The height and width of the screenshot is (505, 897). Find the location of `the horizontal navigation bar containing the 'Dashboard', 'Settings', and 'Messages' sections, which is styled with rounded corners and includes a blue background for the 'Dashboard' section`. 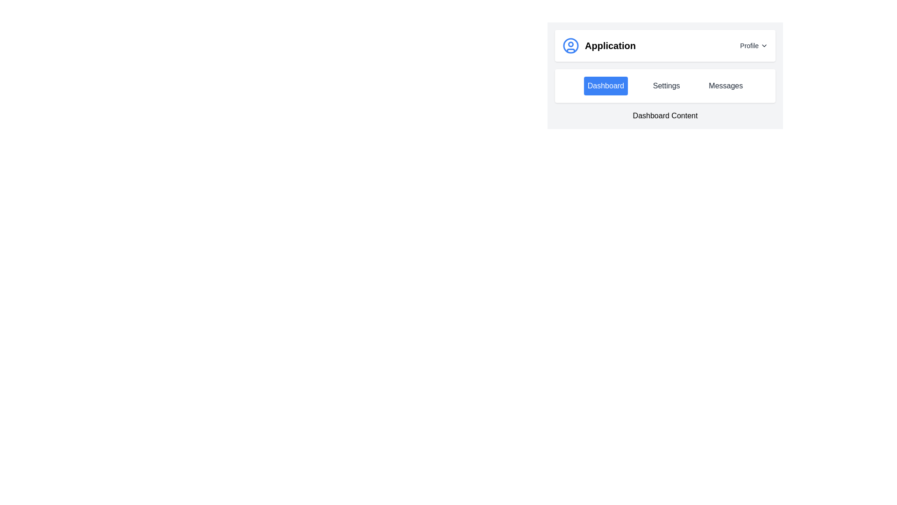

the horizontal navigation bar containing the 'Dashboard', 'Settings', and 'Messages' sections, which is styled with rounded corners and includes a blue background for the 'Dashboard' section is located at coordinates (665, 86).